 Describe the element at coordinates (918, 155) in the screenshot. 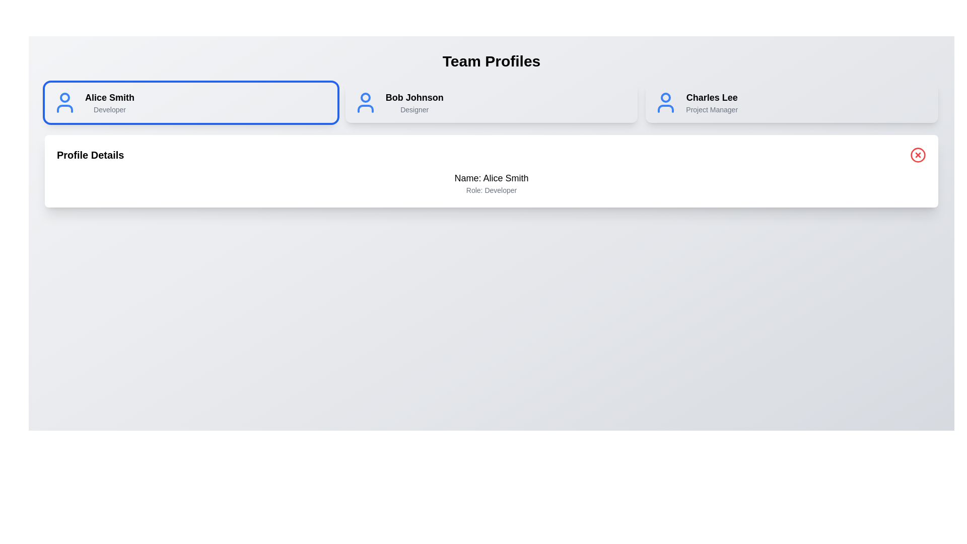

I see `the close button located on the far right of the 'Profile Details' section` at that location.